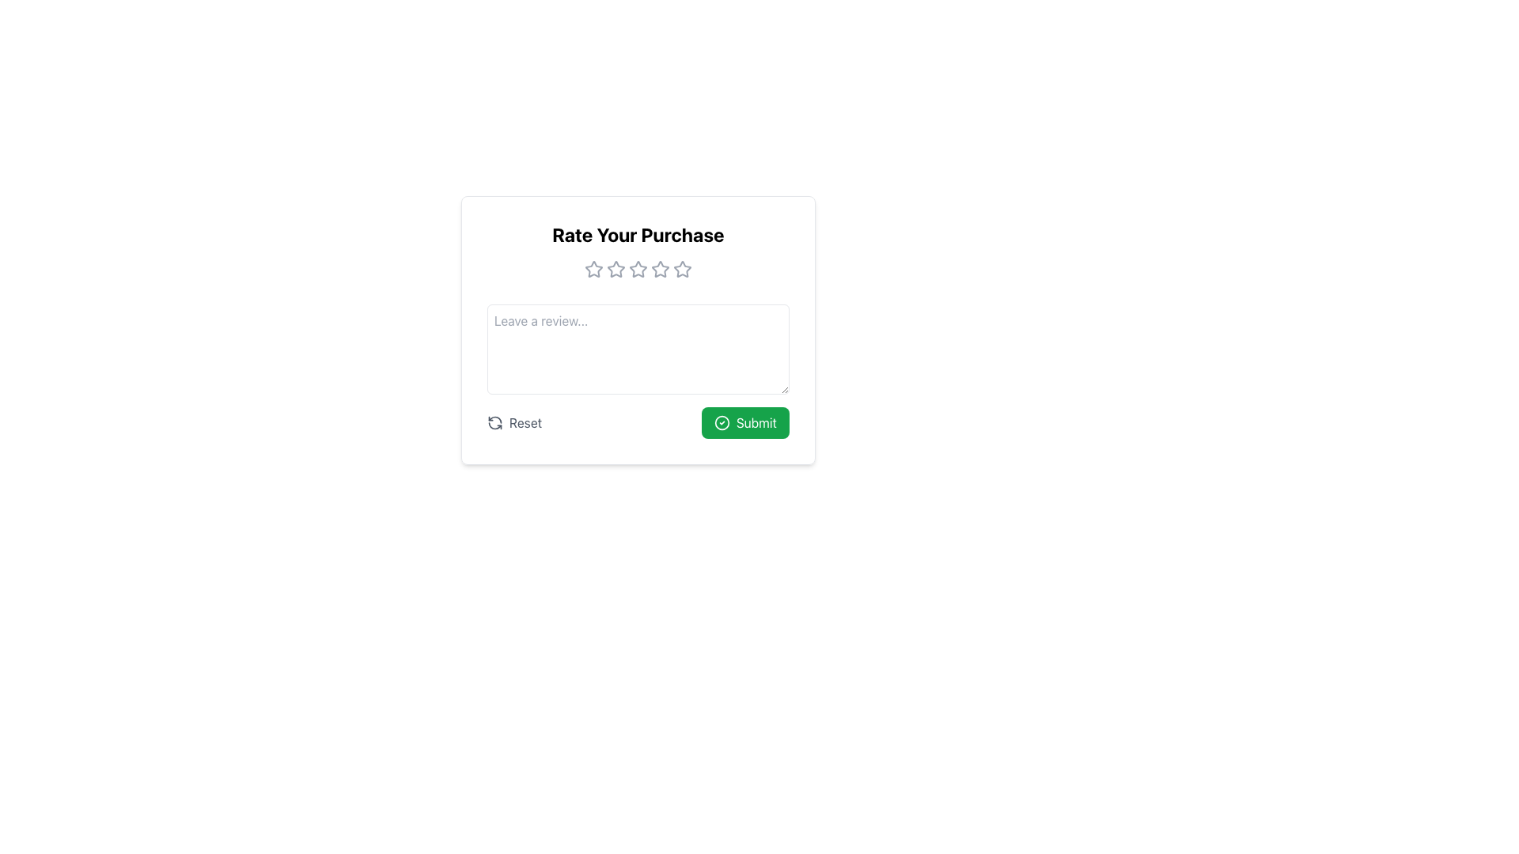  I want to click on the fifth star in the 'Rate Your Purchase' section, so click(683, 268).